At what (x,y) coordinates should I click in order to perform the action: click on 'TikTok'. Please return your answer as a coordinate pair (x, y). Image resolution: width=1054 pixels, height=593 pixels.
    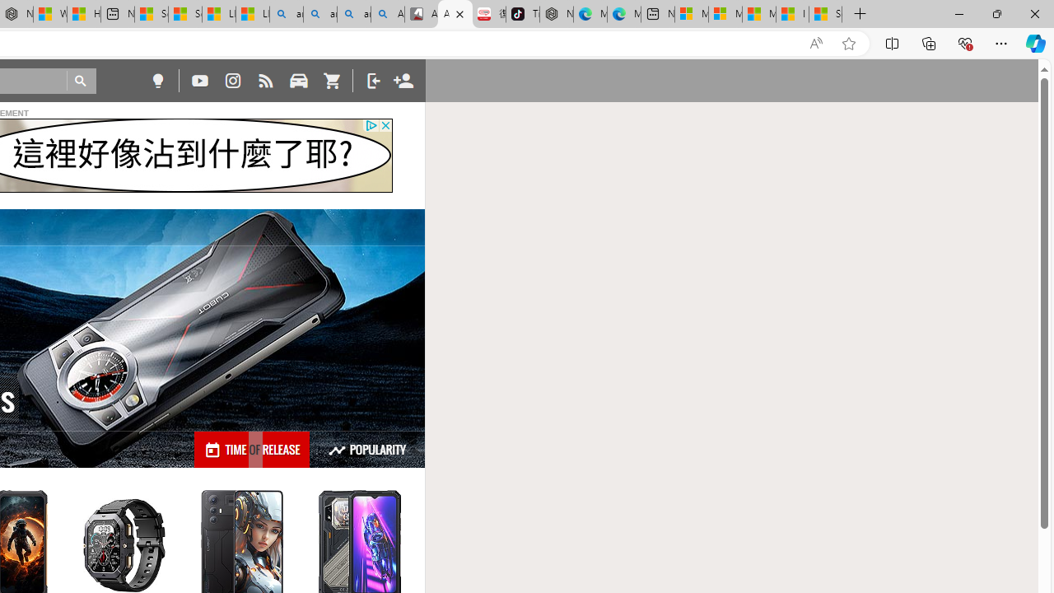
    Looking at the image, I should click on (521, 14).